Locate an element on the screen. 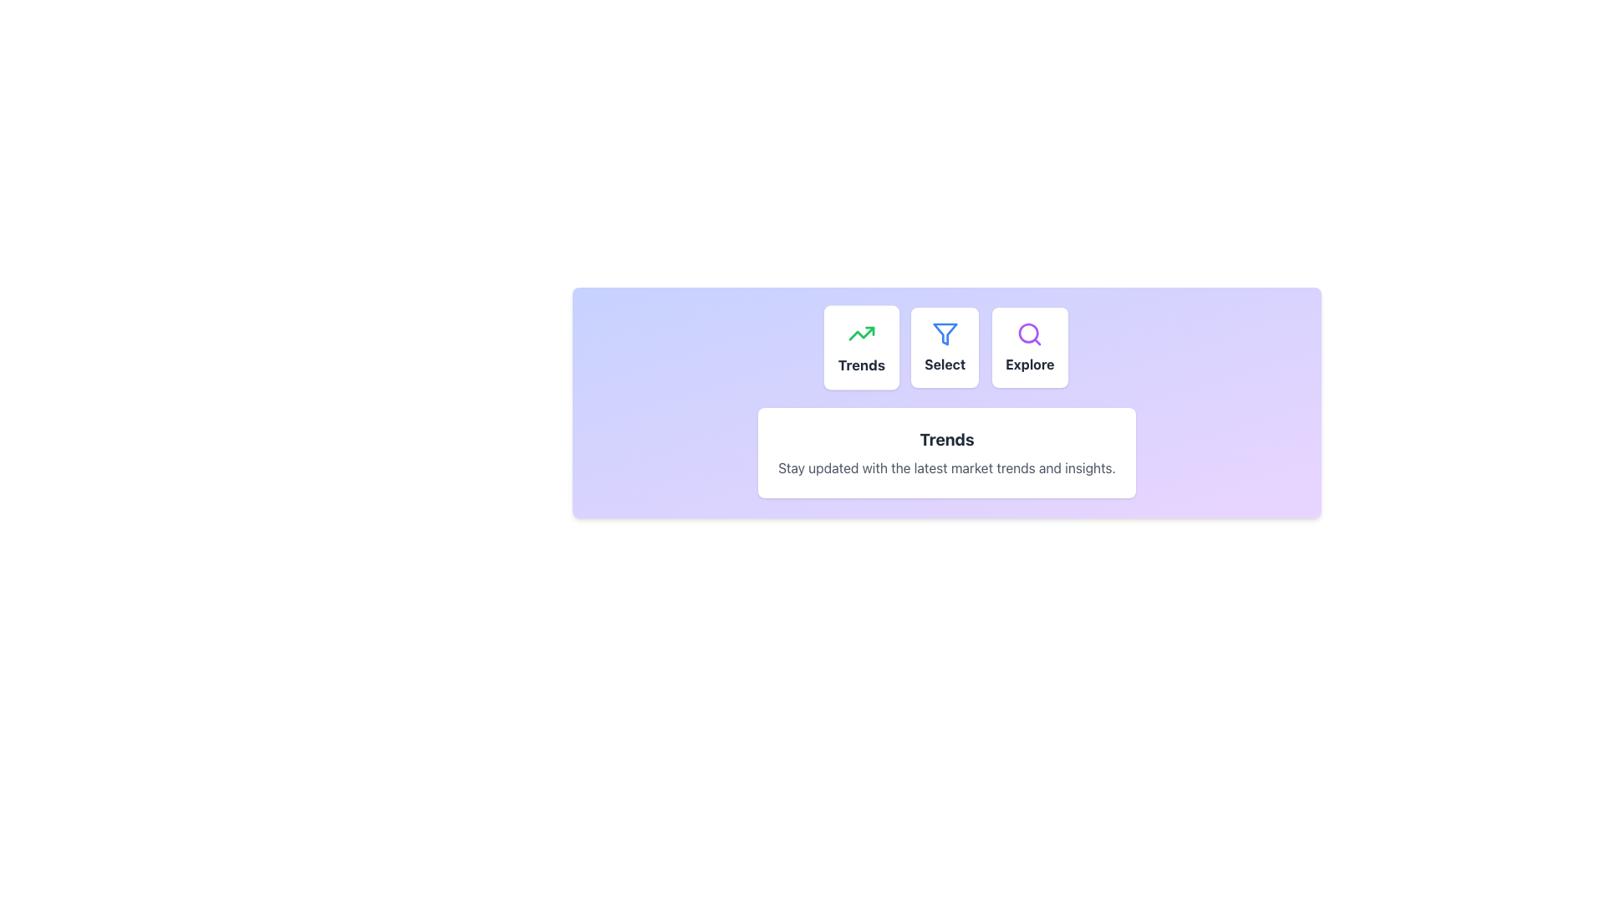 This screenshot has height=903, width=1605. the filtering function icon, which is the middle icon in a horizontal row of three icons is located at coordinates (945, 334).